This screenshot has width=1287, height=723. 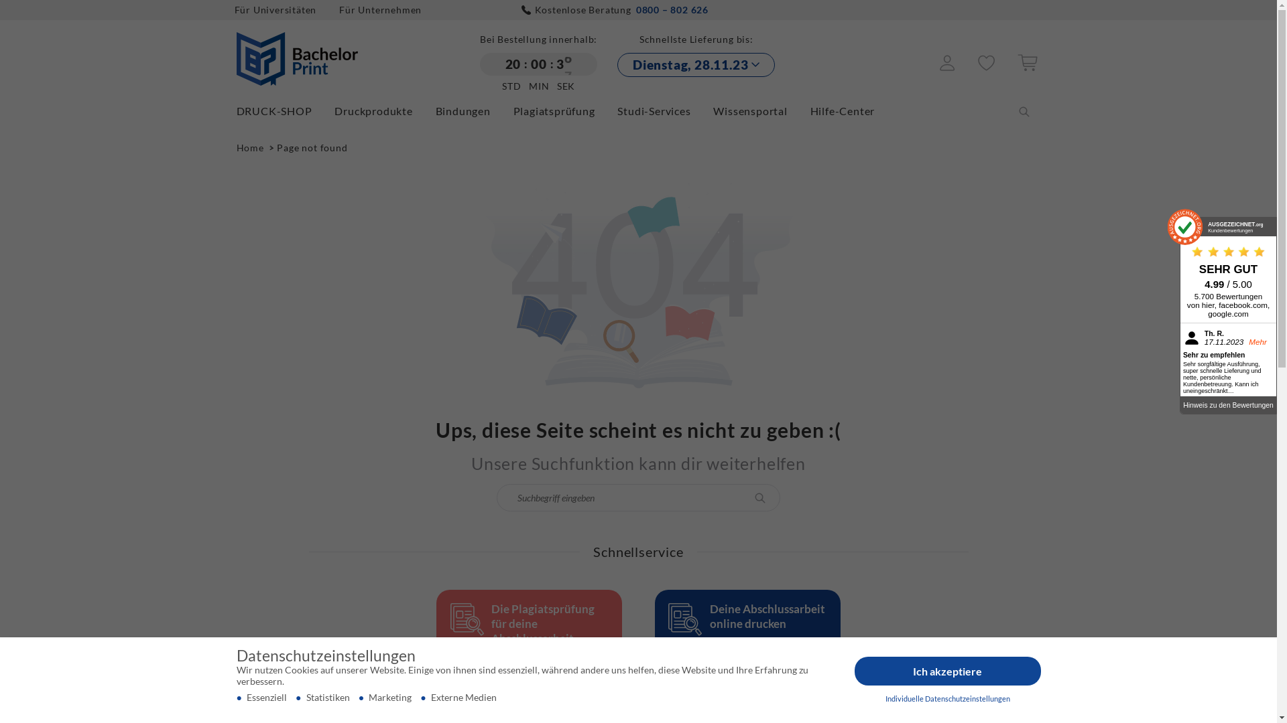 What do you see at coordinates (947, 698) in the screenshot?
I see `'Individuelle Datenschutzeinstellungen'` at bounding box center [947, 698].